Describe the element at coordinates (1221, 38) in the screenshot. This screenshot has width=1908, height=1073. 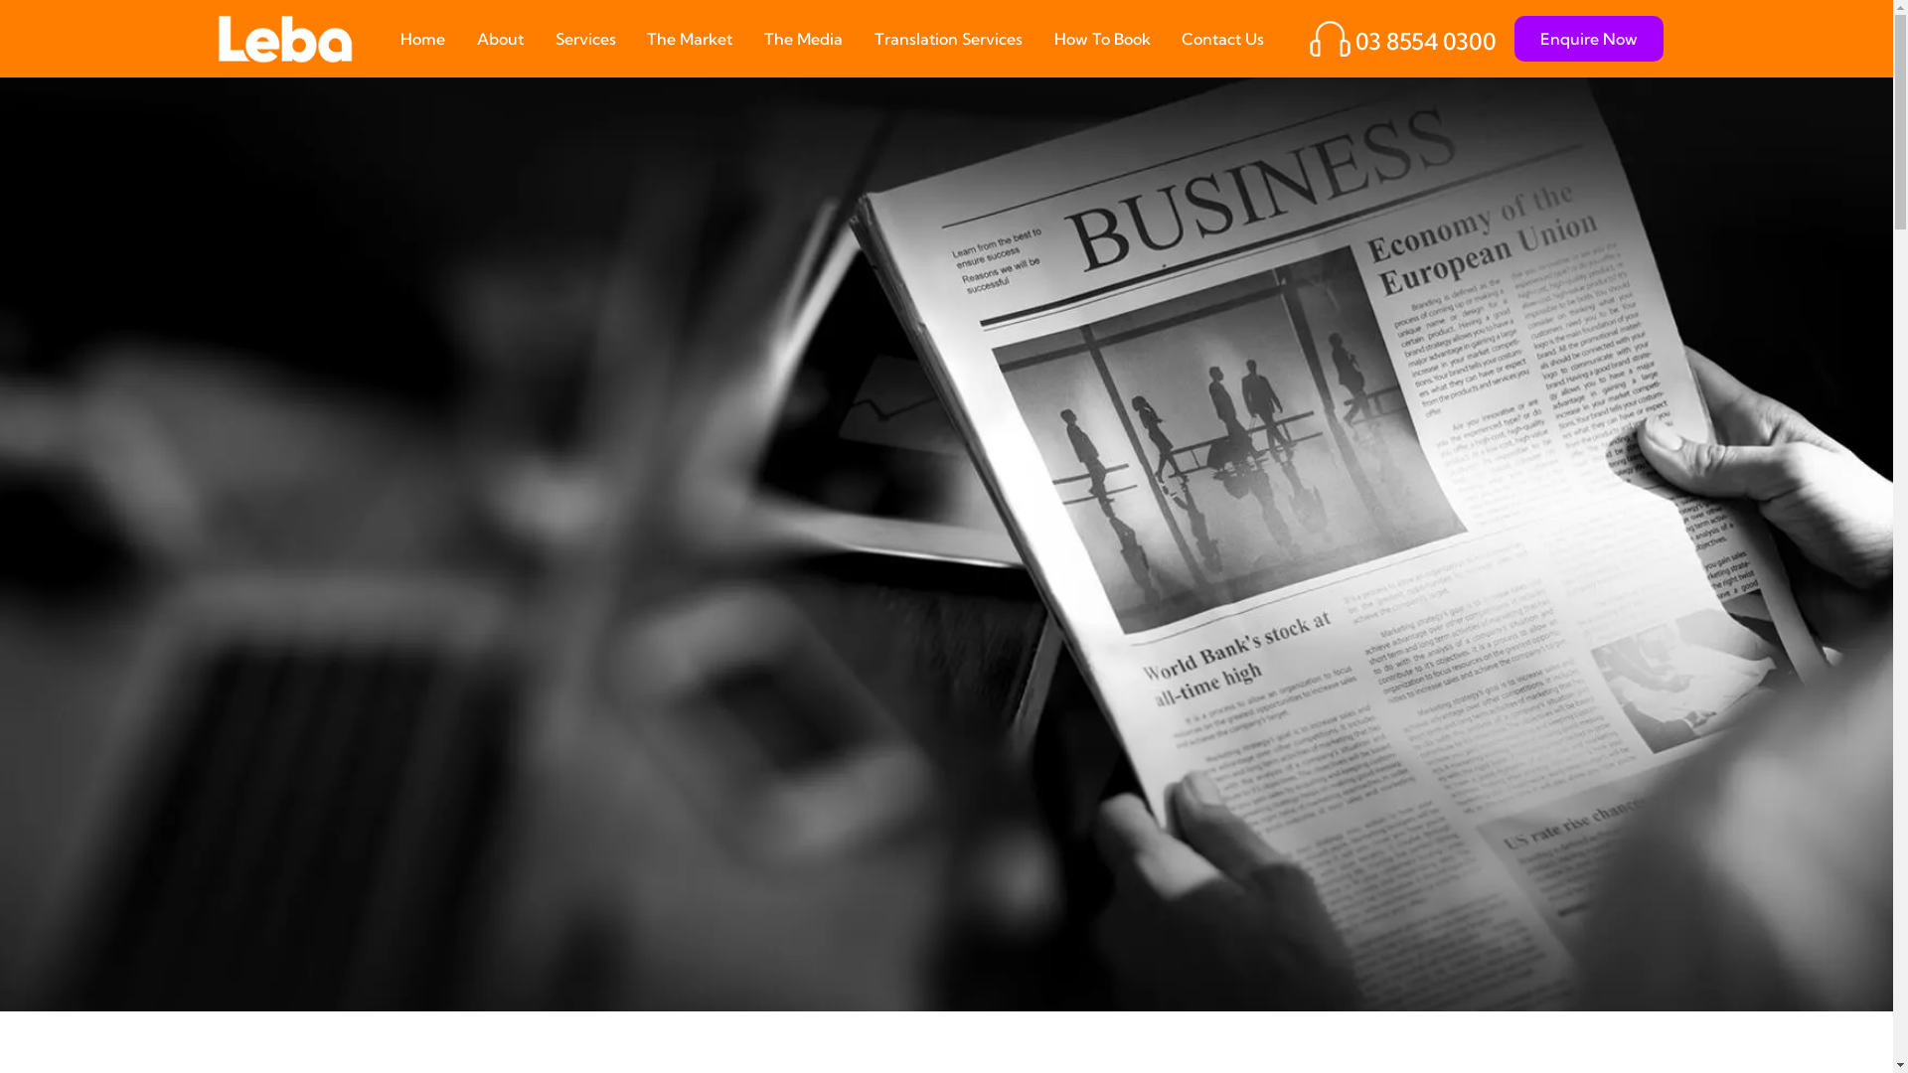
I see `'Contact Us'` at that location.